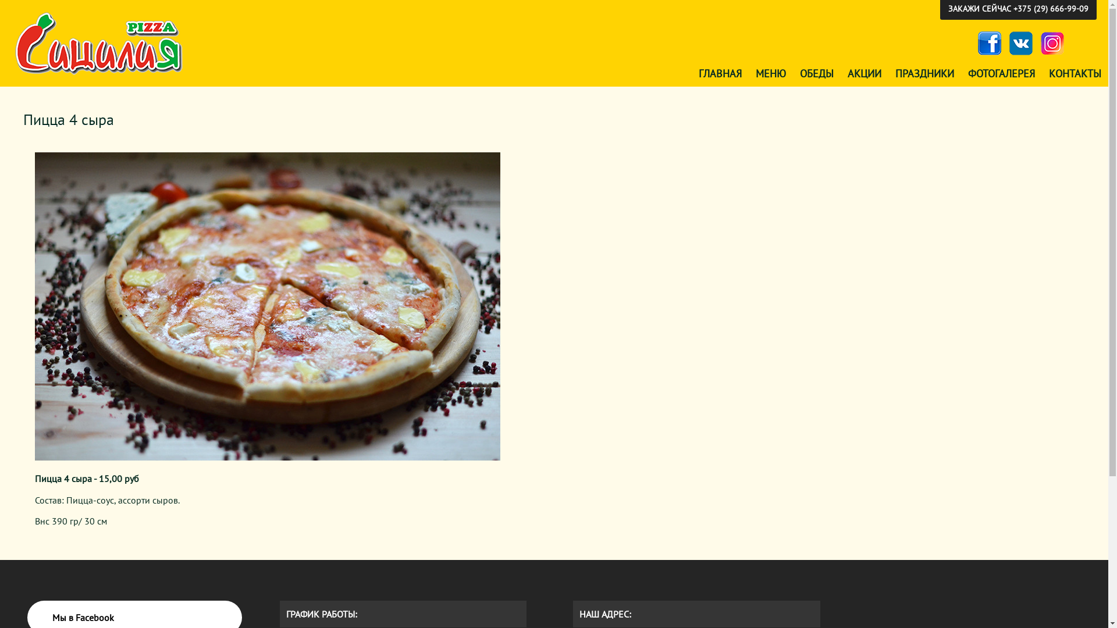  What do you see at coordinates (100, 43) in the screenshot?
I see `'pizzasicilia.by'` at bounding box center [100, 43].